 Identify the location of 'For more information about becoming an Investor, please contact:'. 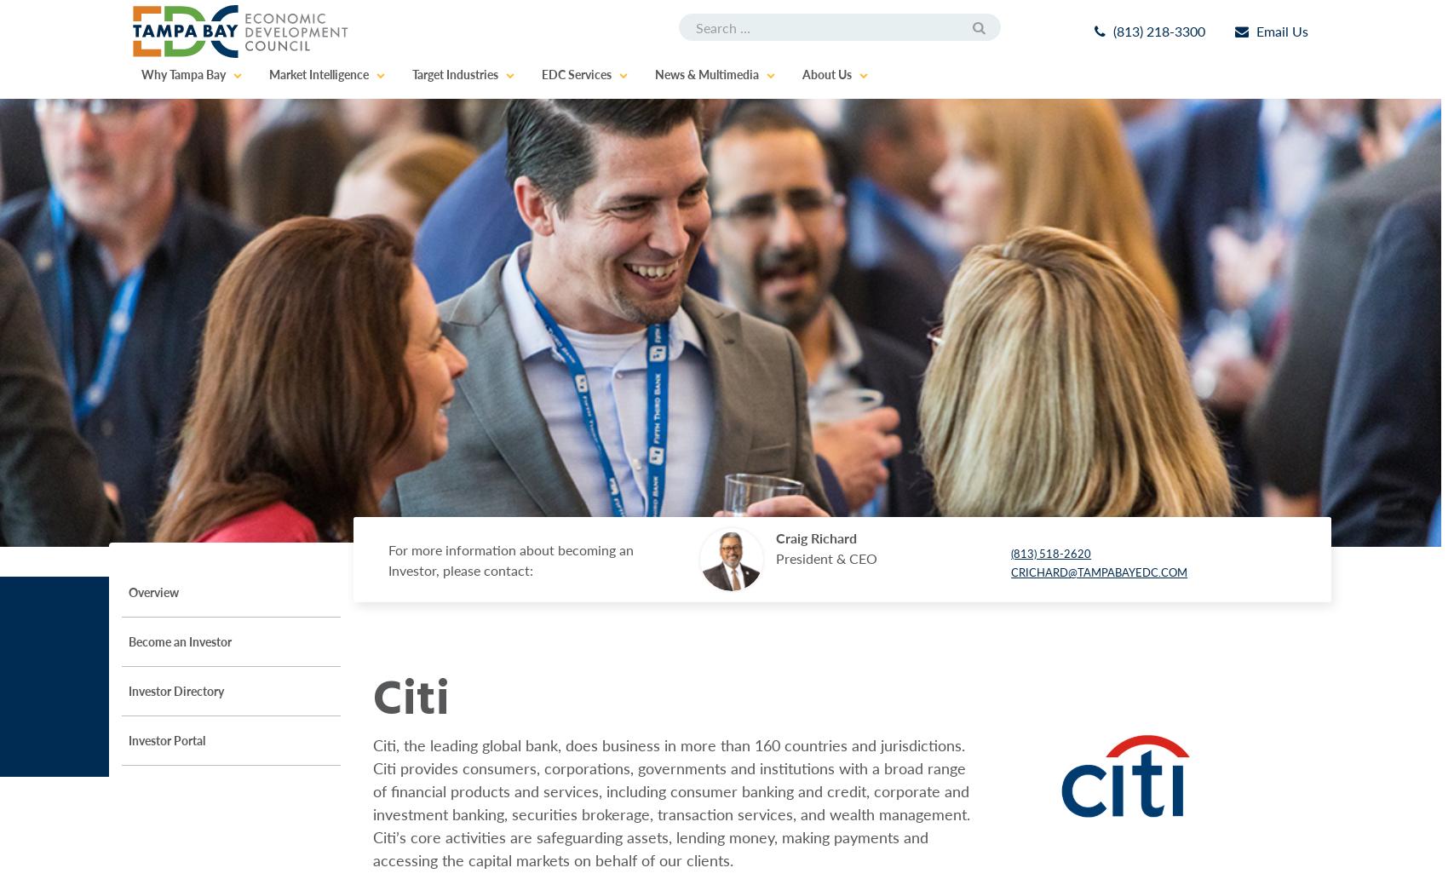
(511, 559).